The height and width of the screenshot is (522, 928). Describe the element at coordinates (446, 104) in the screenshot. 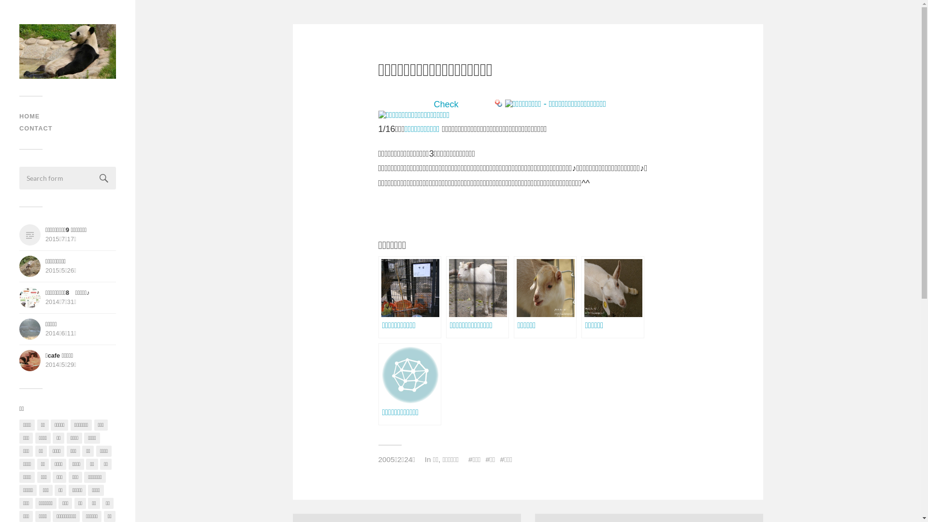

I see `'Check'` at that location.